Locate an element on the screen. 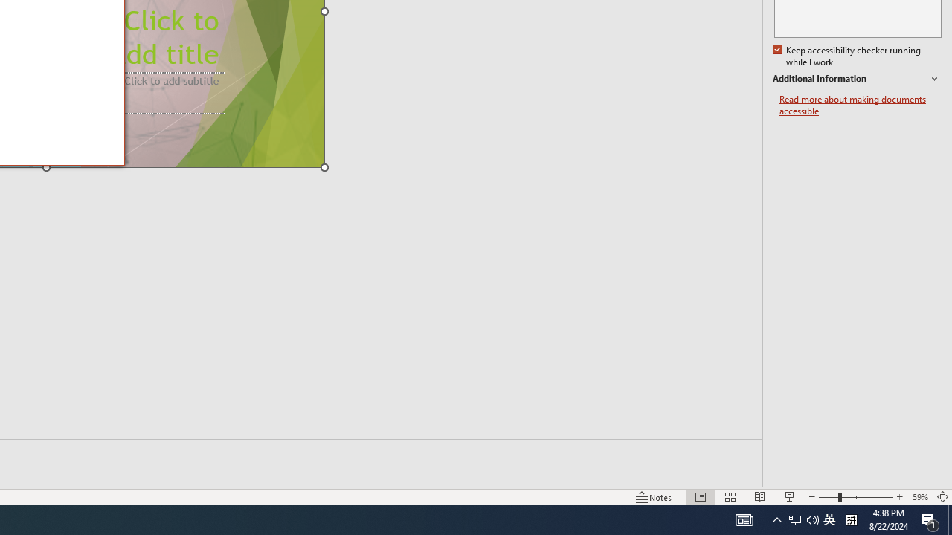  'Show desktop' is located at coordinates (949, 519).